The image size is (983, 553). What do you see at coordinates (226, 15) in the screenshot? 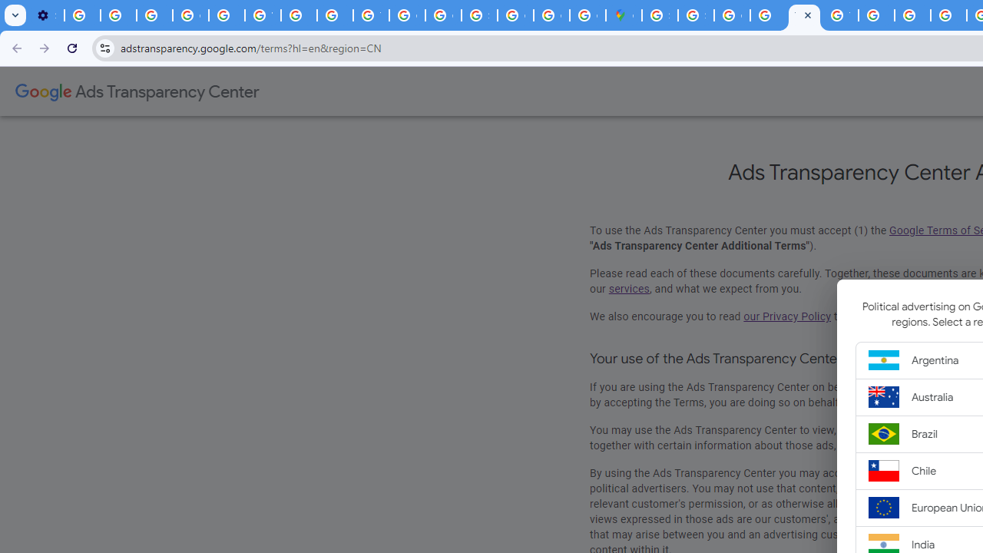
I see `'Privacy Help Center - Policies Help'` at bounding box center [226, 15].